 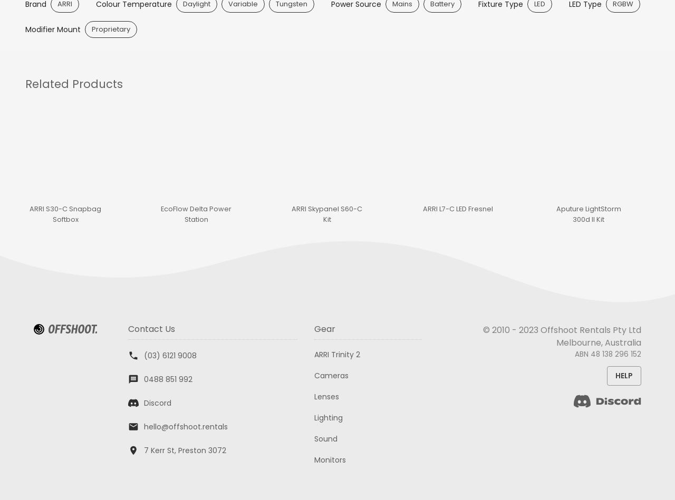 What do you see at coordinates (336, 354) in the screenshot?
I see `'ARRI Trinity 2'` at bounding box center [336, 354].